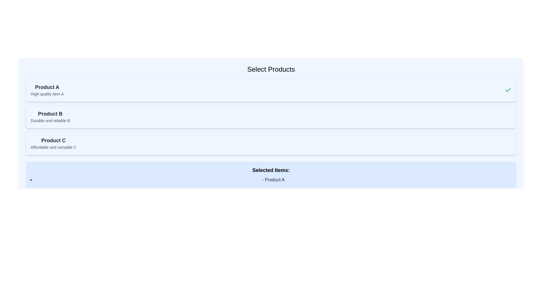  Describe the element at coordinates (47, 87) in the screenshot. I see `text label displaying 'Product A', which is prominently styled in bold and dark gray, located at the top of the product section` at that location.